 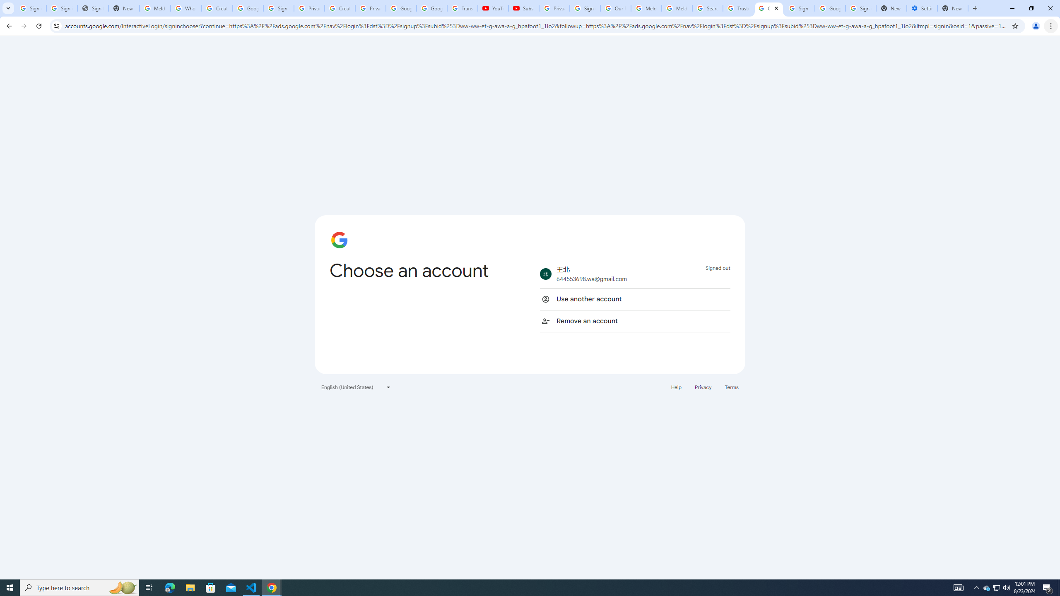 I want to click on 'Sign In - USA TODAY', so click(x=93, y=8).